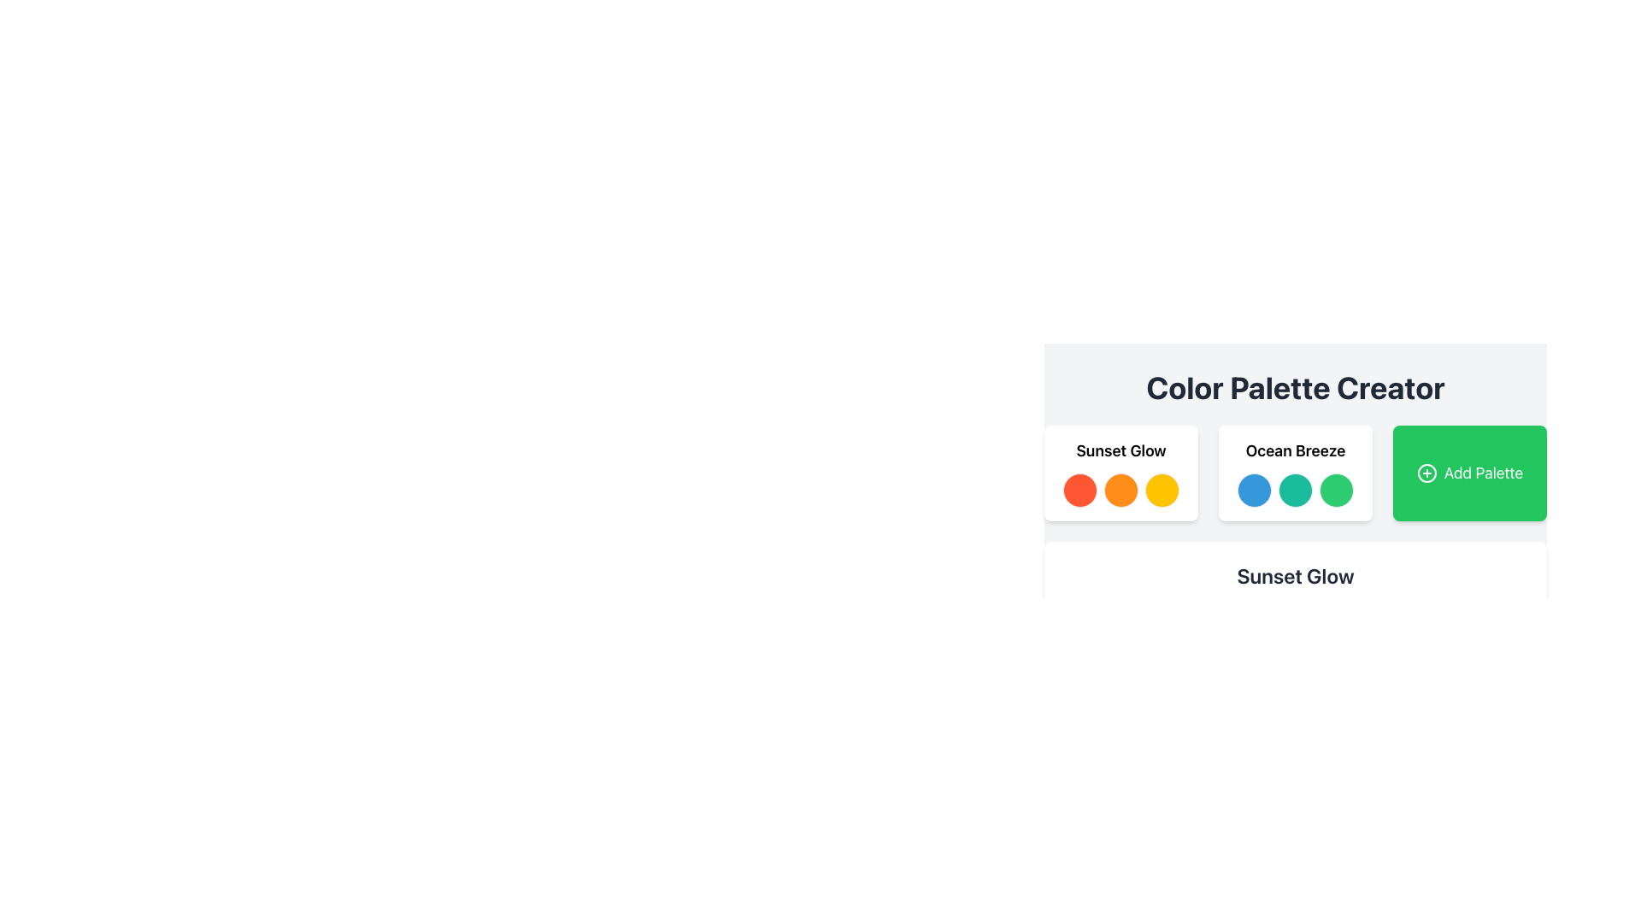 The height and width of the screenshot is (923, 1641). Describe the element at coordinates (1426, 473) in the screenshot. I see `the small icon with a plus sign enclosed within a circle, located within the green 'Add Palette' button on the right side of the color palette options row` at that location.